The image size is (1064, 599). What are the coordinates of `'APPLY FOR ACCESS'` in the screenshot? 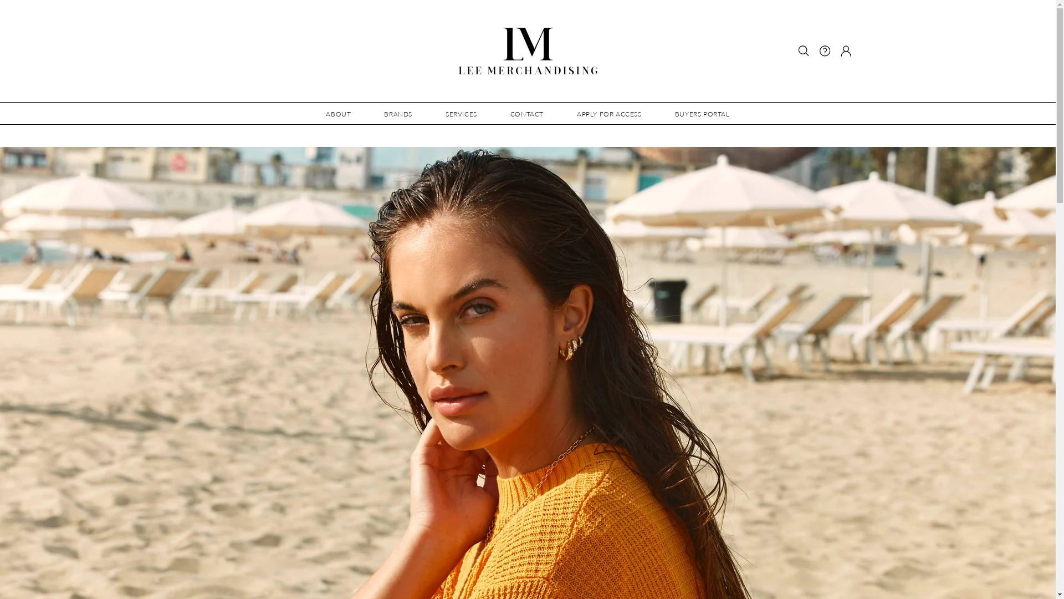 It's located at (560, 113).